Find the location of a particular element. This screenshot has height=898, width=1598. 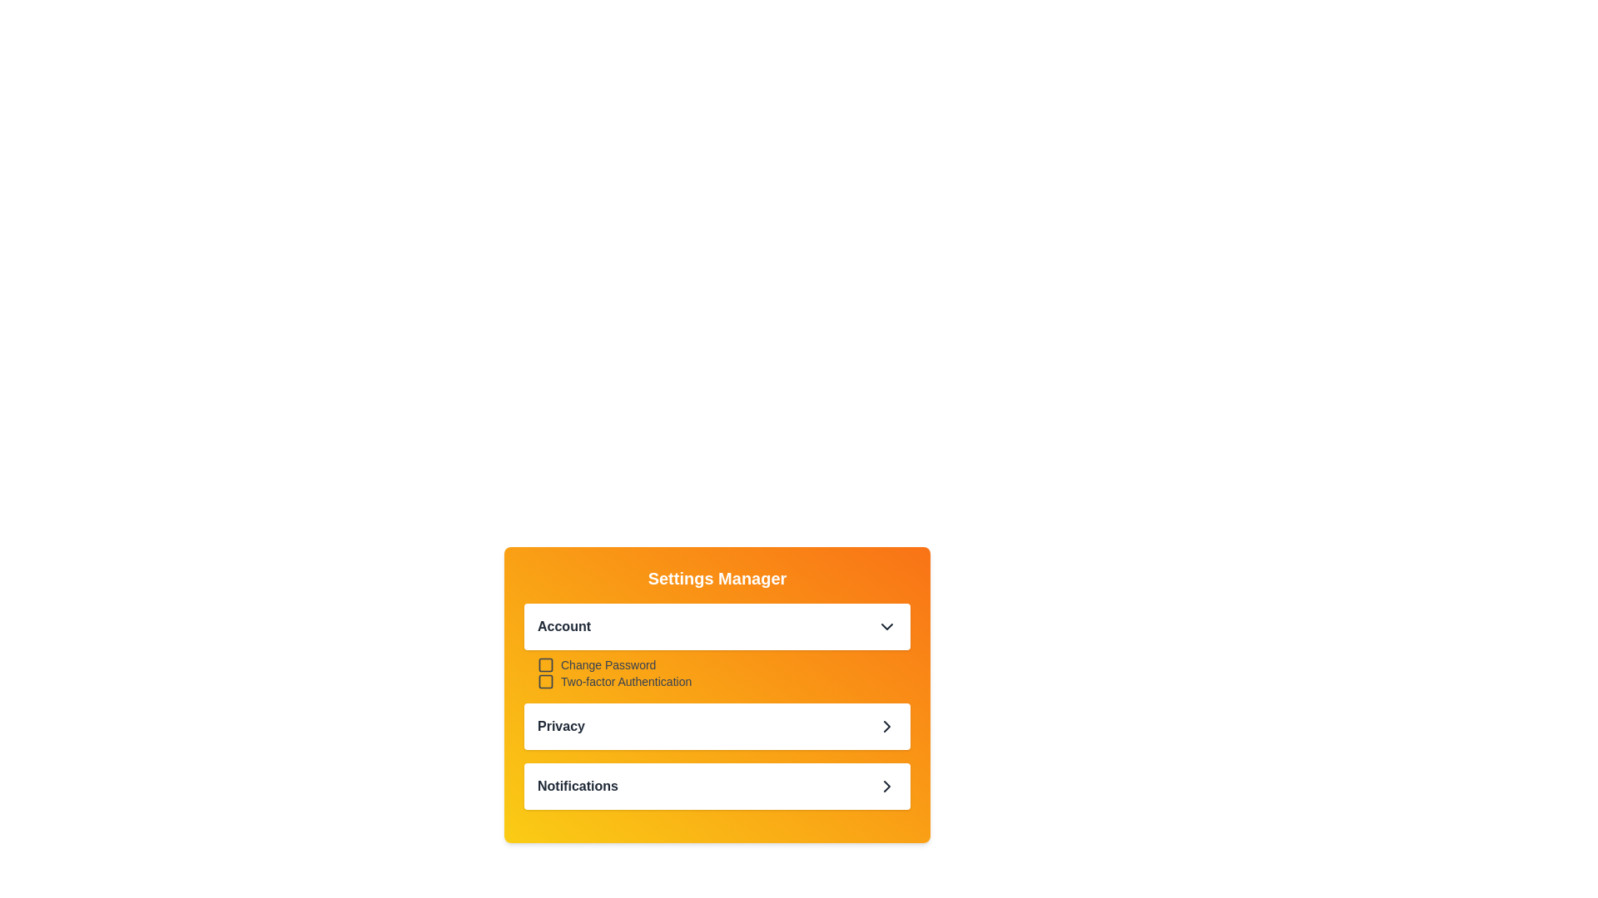

the Chevron Icon on the right end of the 'Account' section is located at coordinates (886, 626).